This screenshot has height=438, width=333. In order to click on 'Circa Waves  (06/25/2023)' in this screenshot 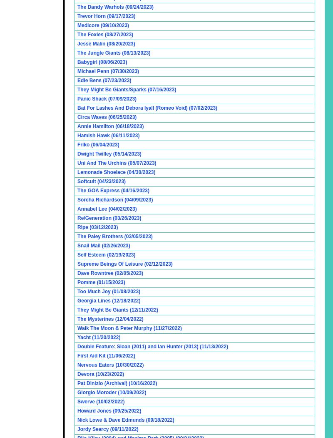, I will do `click(106, 116)`.